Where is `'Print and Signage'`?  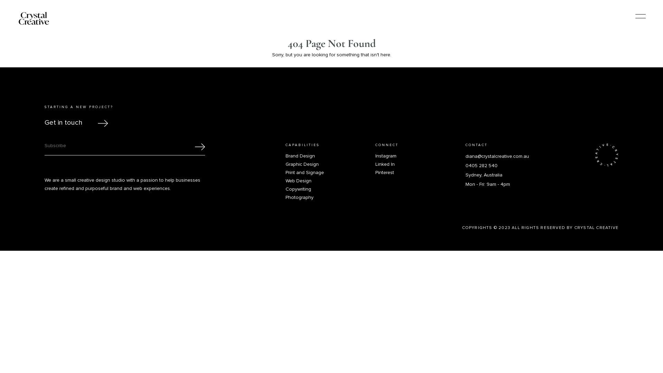
'Print and Signage' is located at coordinates (330, 172).